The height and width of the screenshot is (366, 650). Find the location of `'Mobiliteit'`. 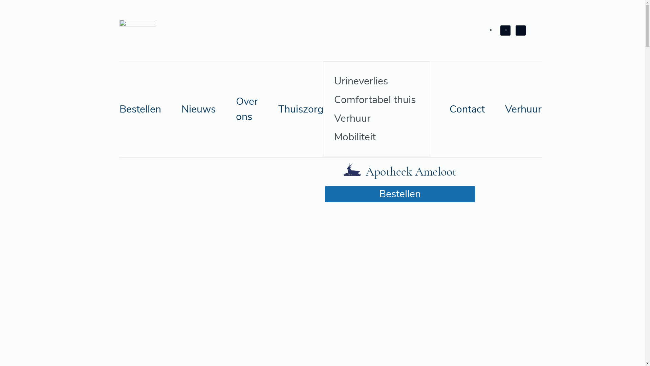

'Mobiliteit' is located at coordinates (333, 137).